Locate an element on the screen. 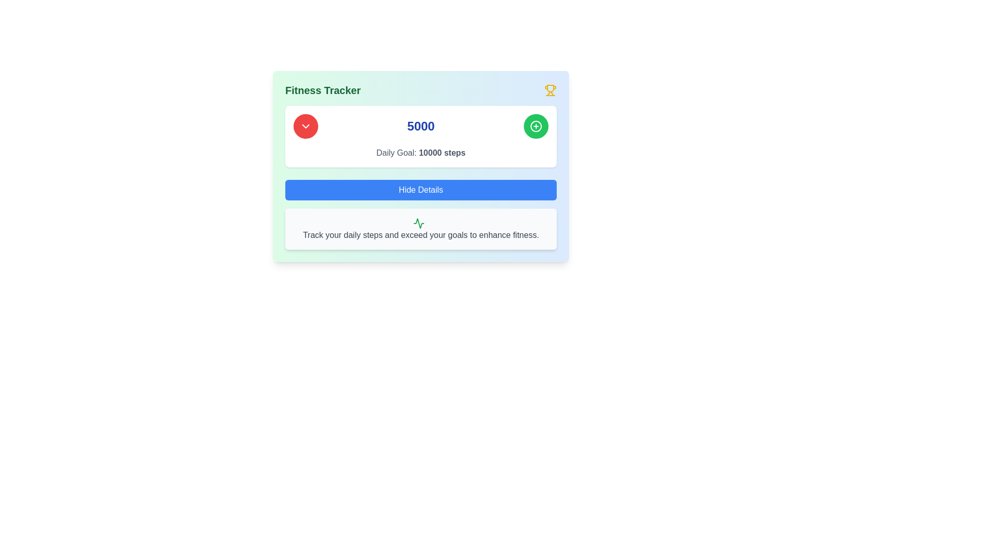 The image size is (987, 555). the small green activity icon with a waveform-like design located in the information box below the 'Hide Details' button and to the left of the descriptive text is located at coordinates (419, 223).